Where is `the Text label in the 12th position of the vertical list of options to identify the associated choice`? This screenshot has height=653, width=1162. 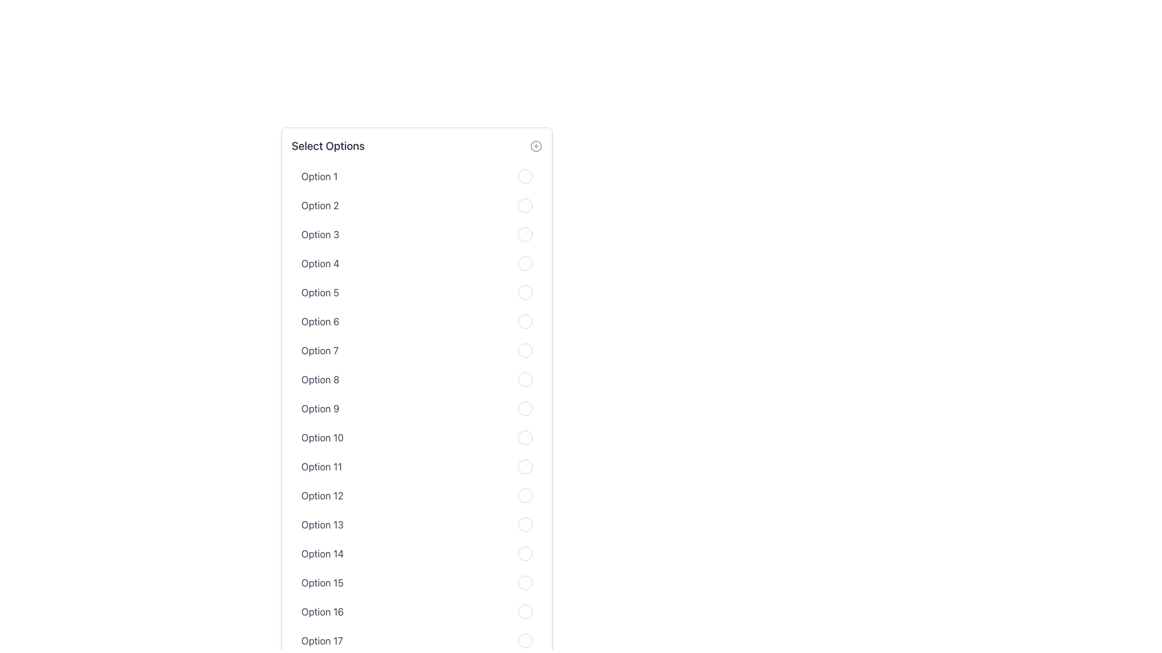
the Text label in the 12th position of the vertical list of options to identify the associated choice is located at coordinates (322, 496).